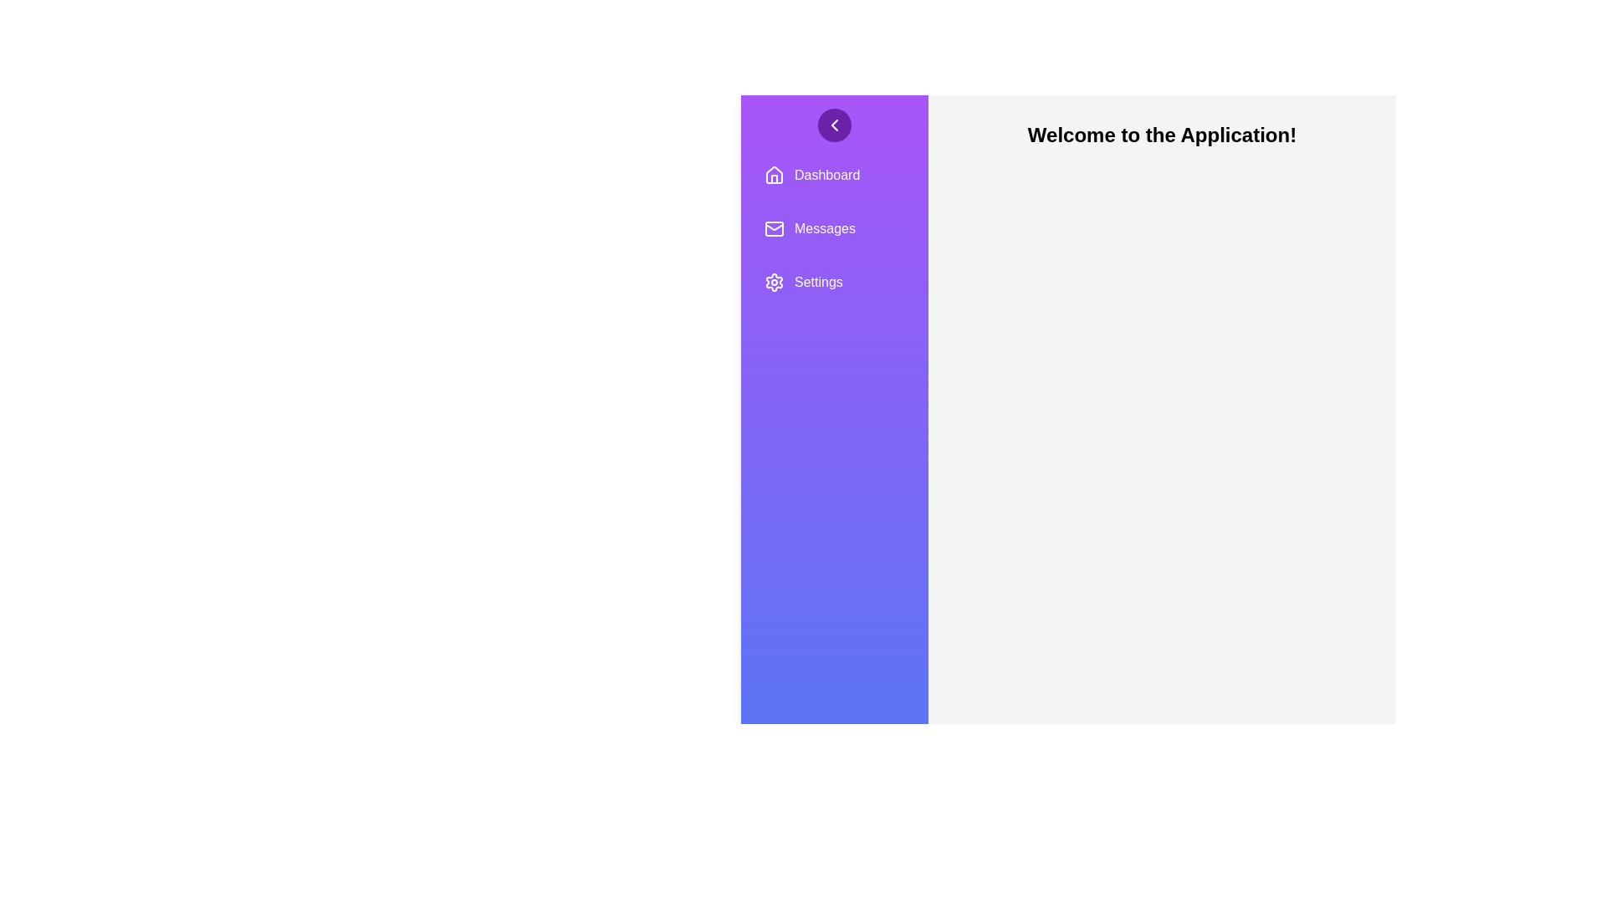  Describe the element at coordinates (835, 228) in the screenshot. I see `the 'Messages' menu option in the sidebar navigation` at that location.